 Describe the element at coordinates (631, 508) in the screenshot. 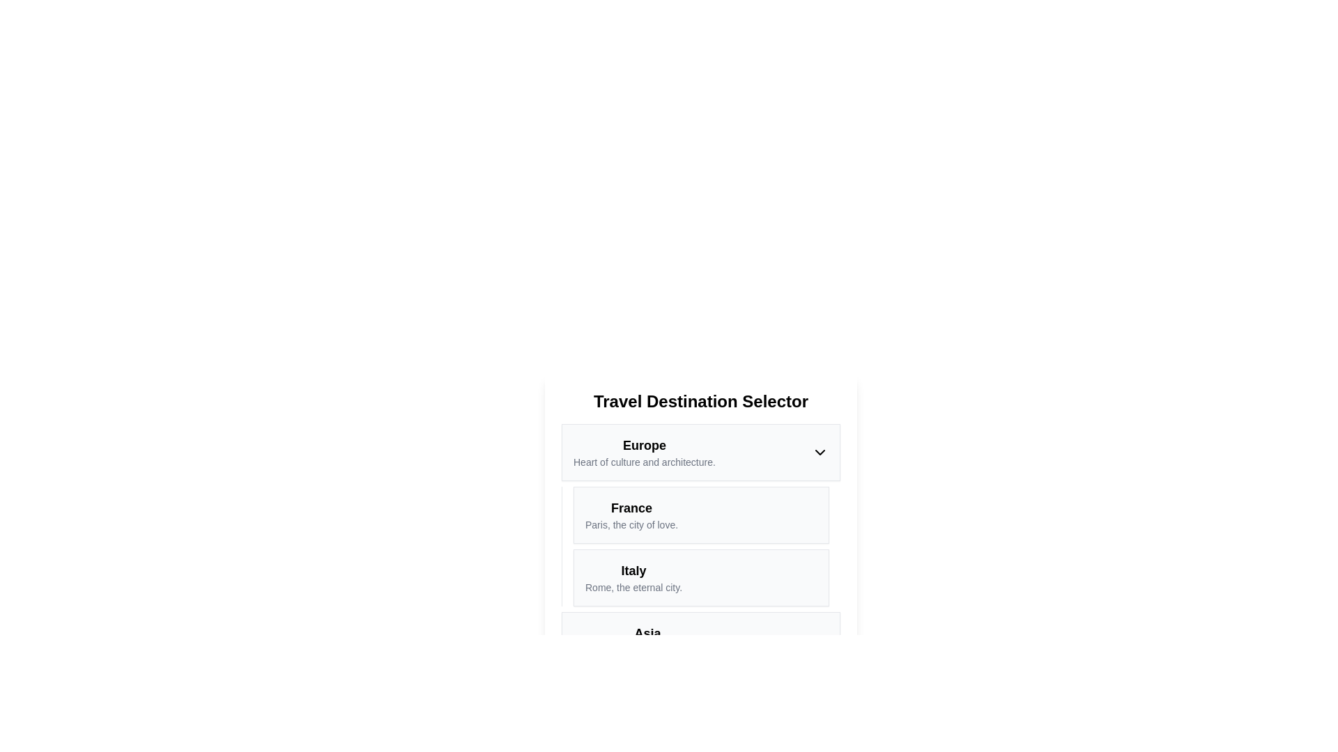

I see `the text label for the country 'France', which is centrally aligned and serves as a heading within the travel destinations list` at that location.